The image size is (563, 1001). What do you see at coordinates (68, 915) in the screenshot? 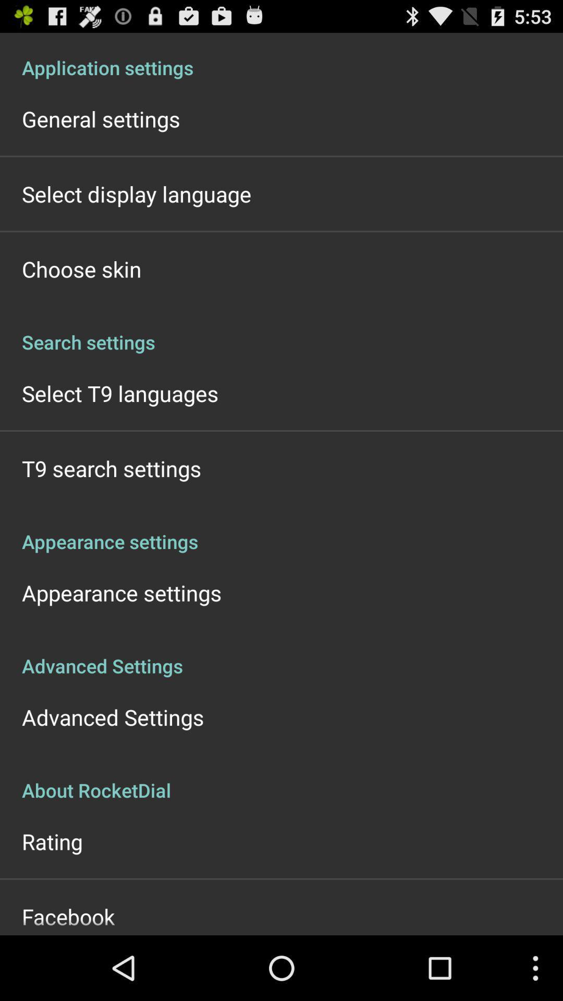
I see `facebook` at bounding box center [68, 915].